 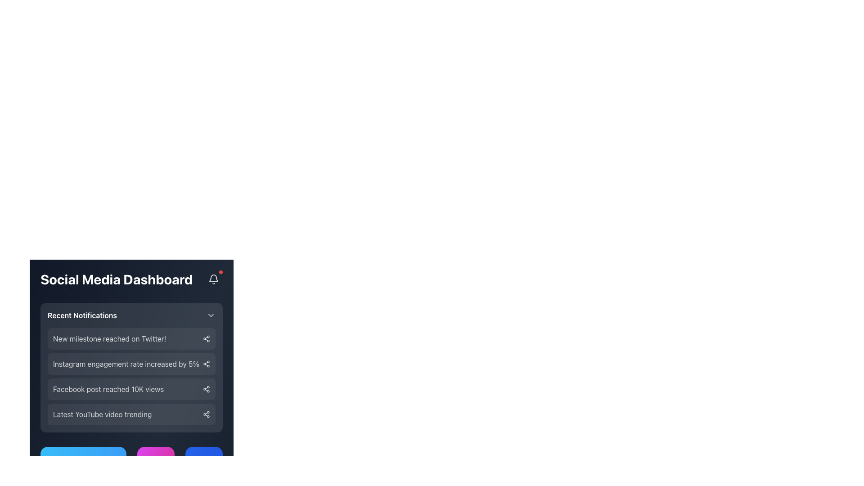 I want to click on the stylized share icon located at the rightmost part of the notification line for 'Instagram engagement rate increased by 5%' in the Recent Notifications section to initiate a share action, so click(x=206, y=364).